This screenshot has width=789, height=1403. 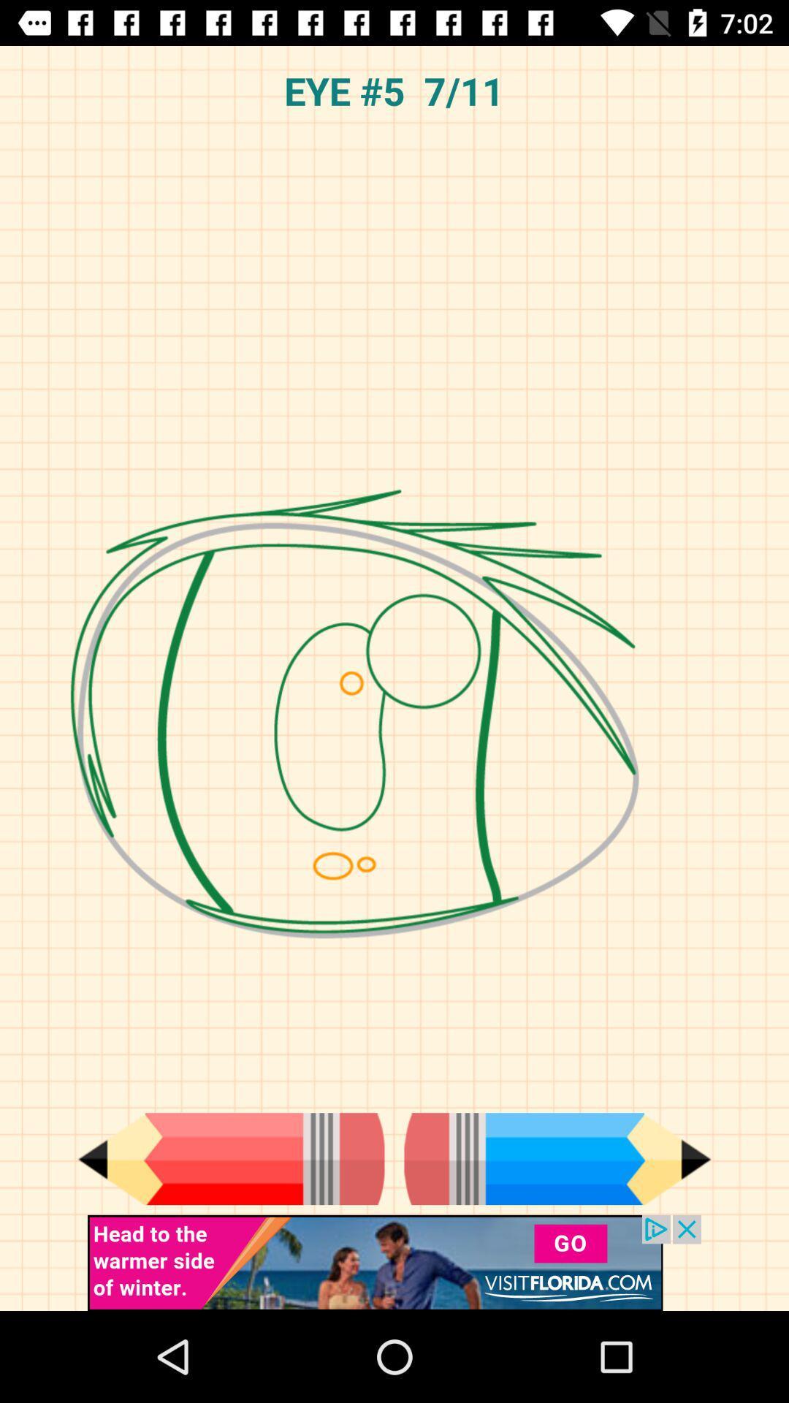 I want to click on advert, so click(x=394, y=1262).